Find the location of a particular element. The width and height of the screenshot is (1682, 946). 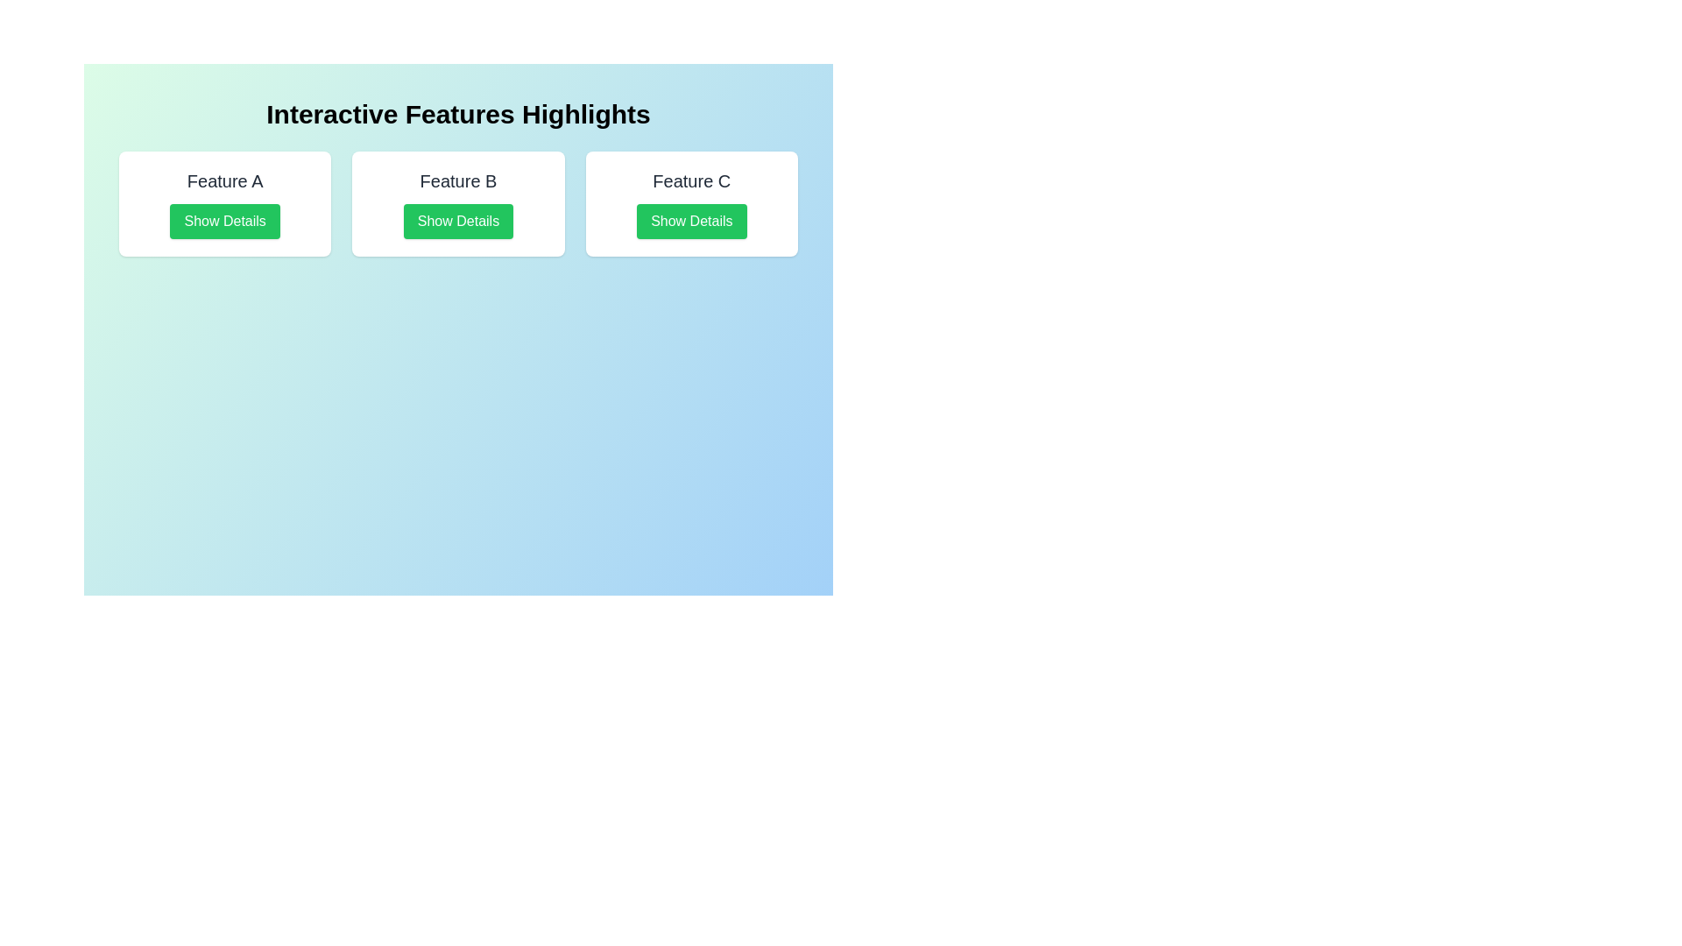

the button in the center of the card labeled 'Feature B' is located at coordinates (458, 221).